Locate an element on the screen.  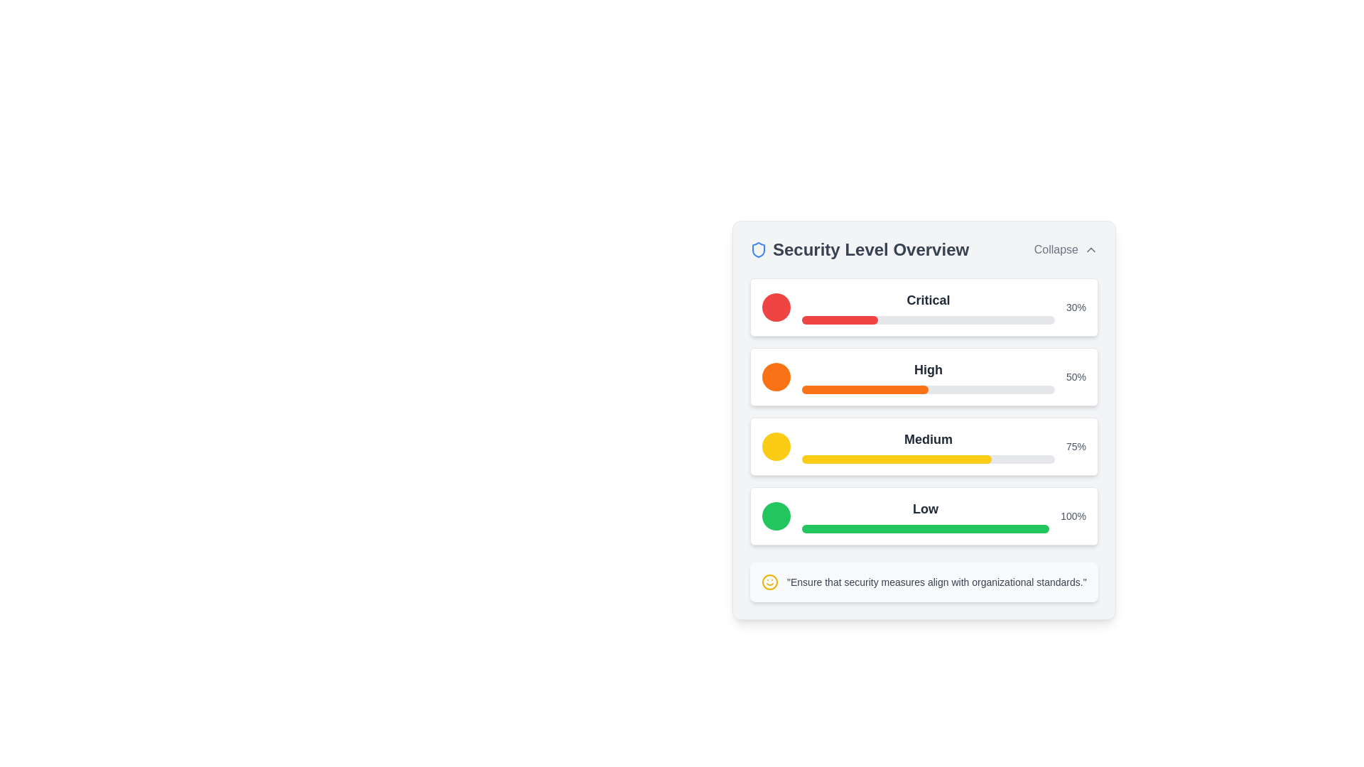
the visual representation of the percentage on the progress bar labeled 'Critical', which shows 30% progress and is positioned below the 'Critical' label is located at coordinates (928, 320).